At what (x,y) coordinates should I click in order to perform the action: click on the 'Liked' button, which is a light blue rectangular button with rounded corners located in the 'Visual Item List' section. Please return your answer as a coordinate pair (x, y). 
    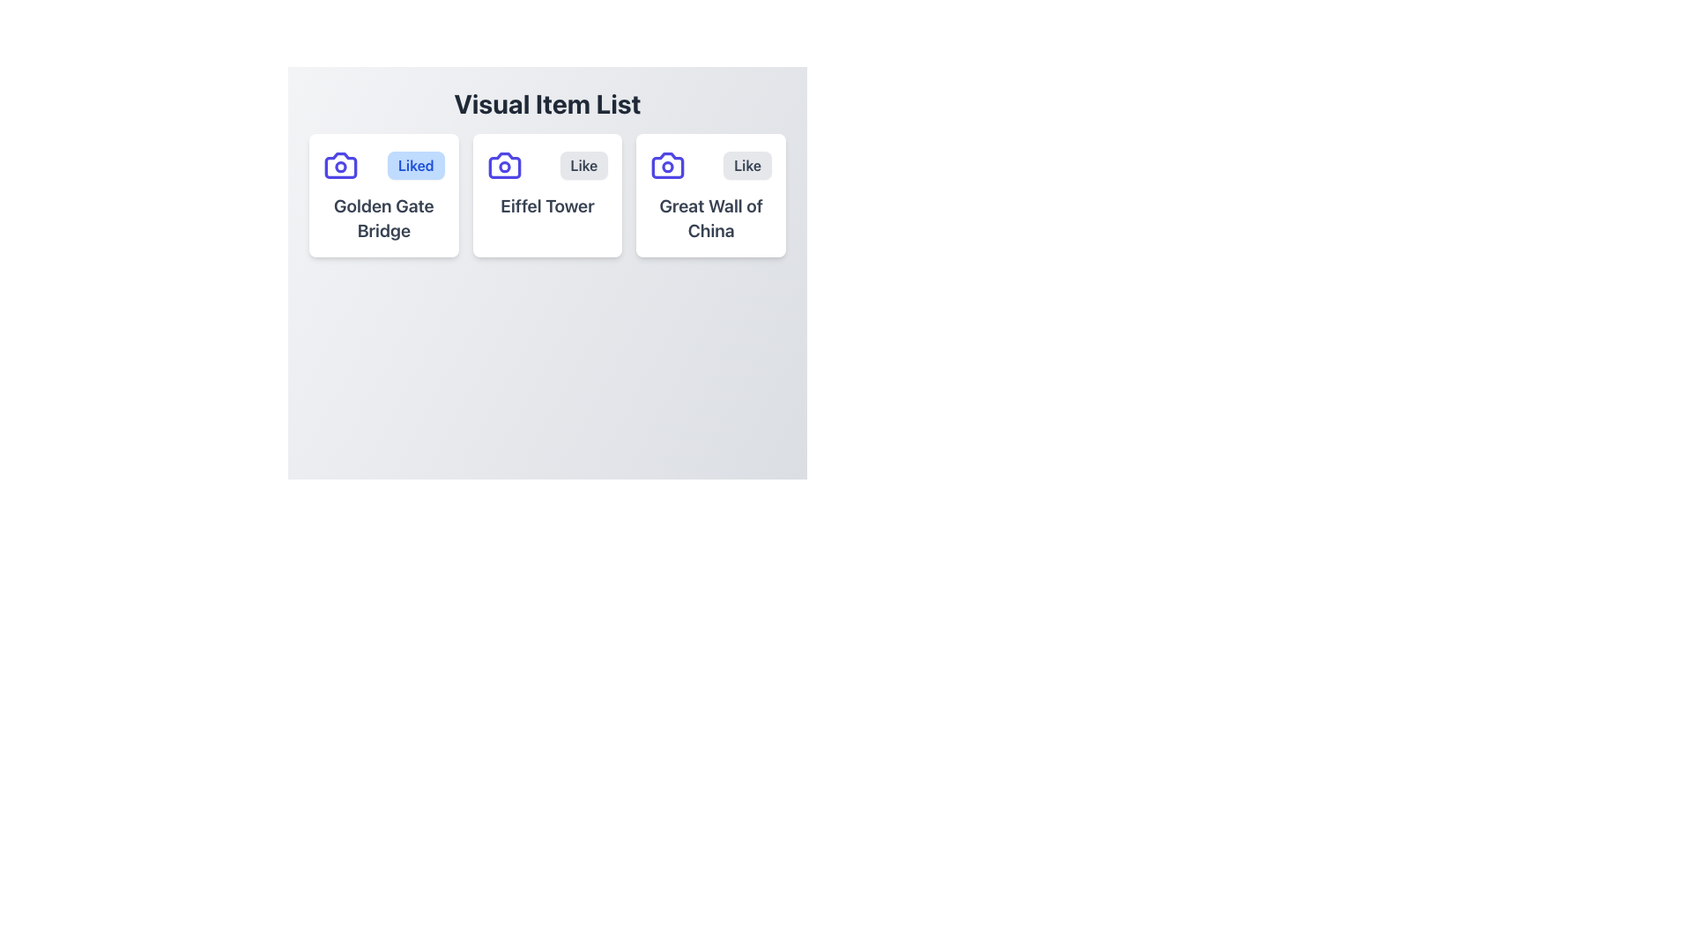
    Looking at the image, I should click on (382, 166).